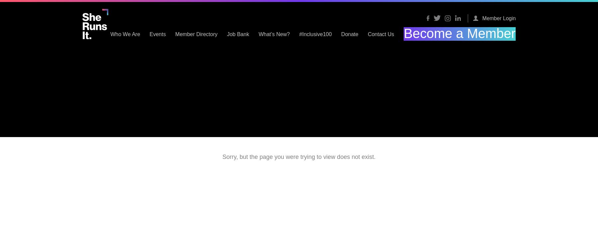 This screenshot has width=598, height=247. Describe the element at coordinates (499, 17) in the screenshot. I see `'Member Login'` at that location.